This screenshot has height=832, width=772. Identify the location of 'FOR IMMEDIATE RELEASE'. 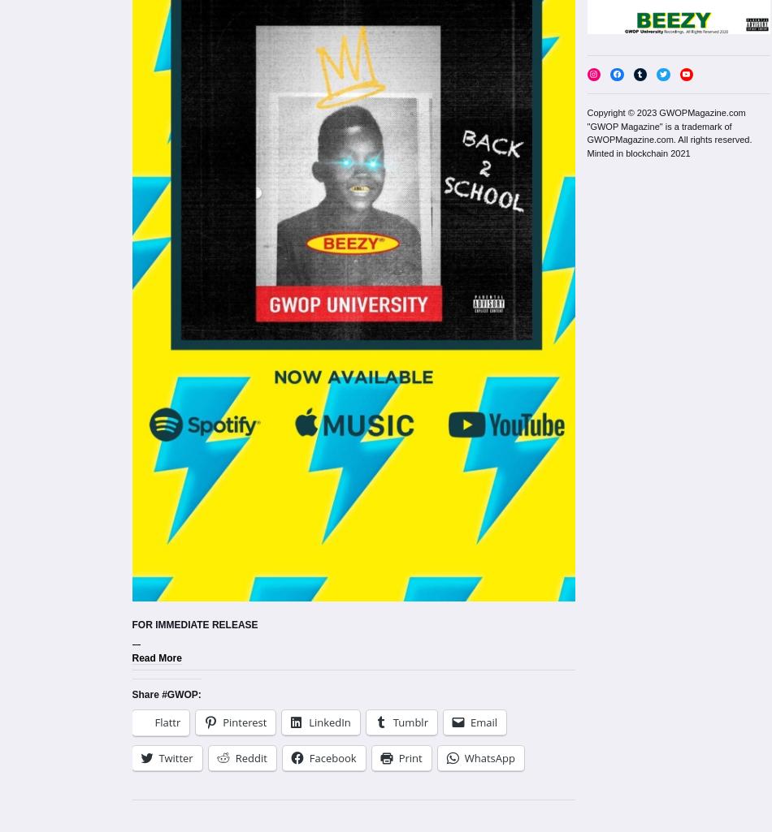
(193, 623).